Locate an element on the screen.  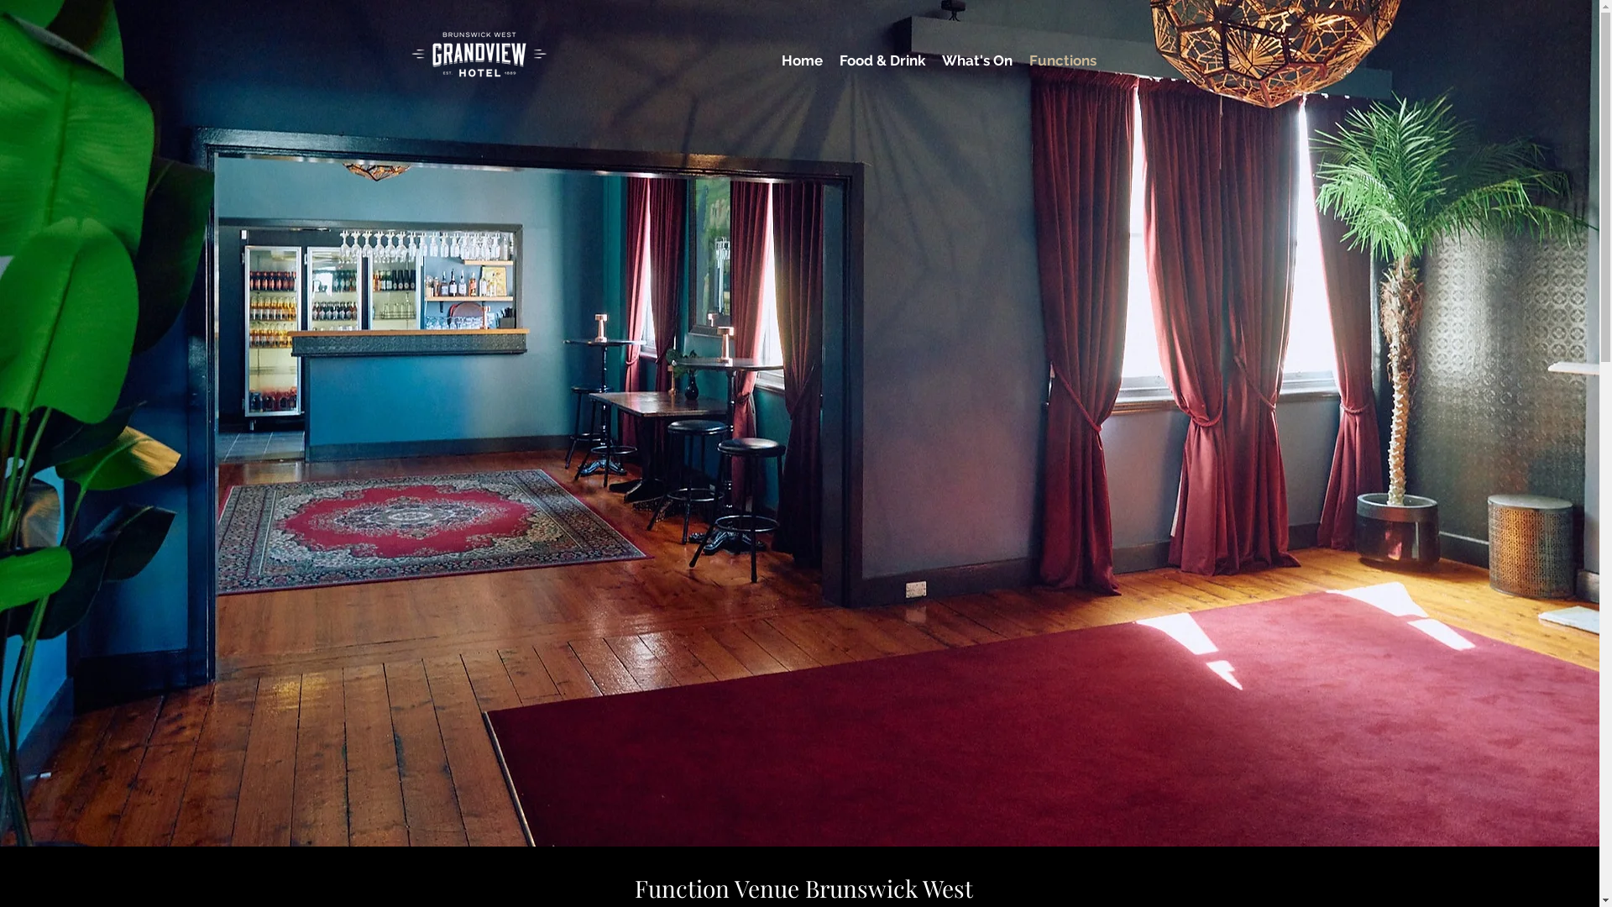
'Food & Drink' is located at coordinates (830, 53).